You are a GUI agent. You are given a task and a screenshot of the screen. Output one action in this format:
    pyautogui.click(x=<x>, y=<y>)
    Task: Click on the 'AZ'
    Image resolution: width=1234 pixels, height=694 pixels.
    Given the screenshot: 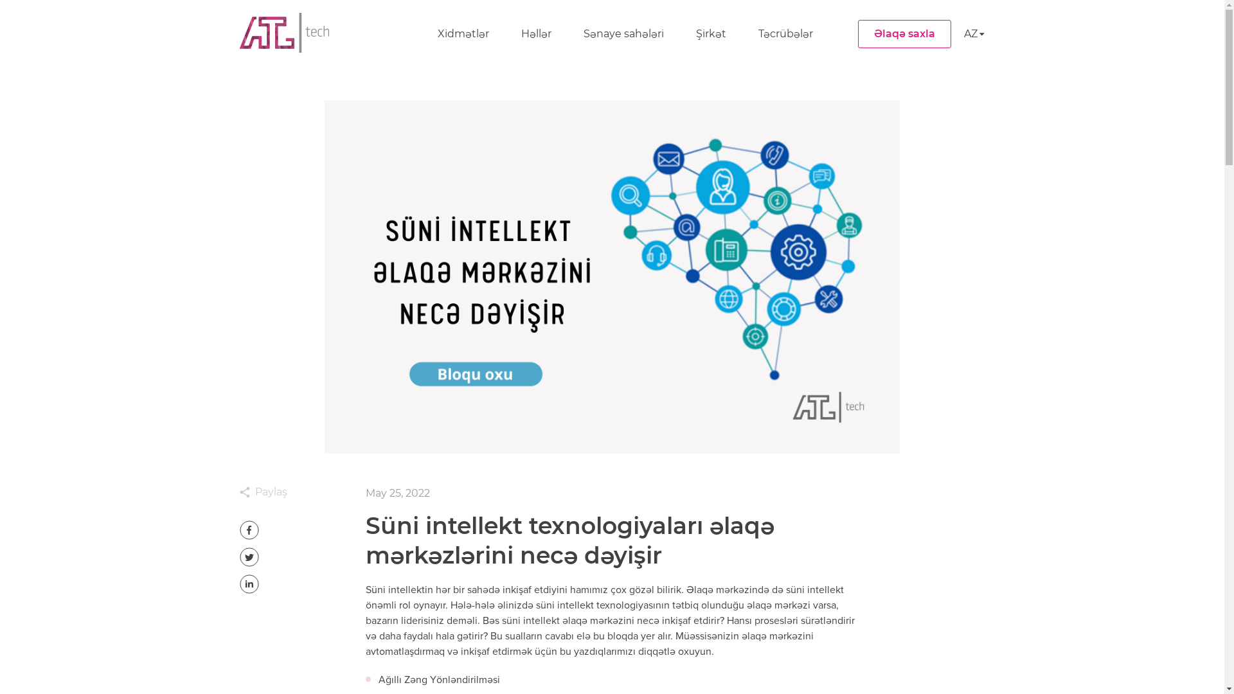 What is the action you would take?
    pyautogui.click(x=974, y=33)
    